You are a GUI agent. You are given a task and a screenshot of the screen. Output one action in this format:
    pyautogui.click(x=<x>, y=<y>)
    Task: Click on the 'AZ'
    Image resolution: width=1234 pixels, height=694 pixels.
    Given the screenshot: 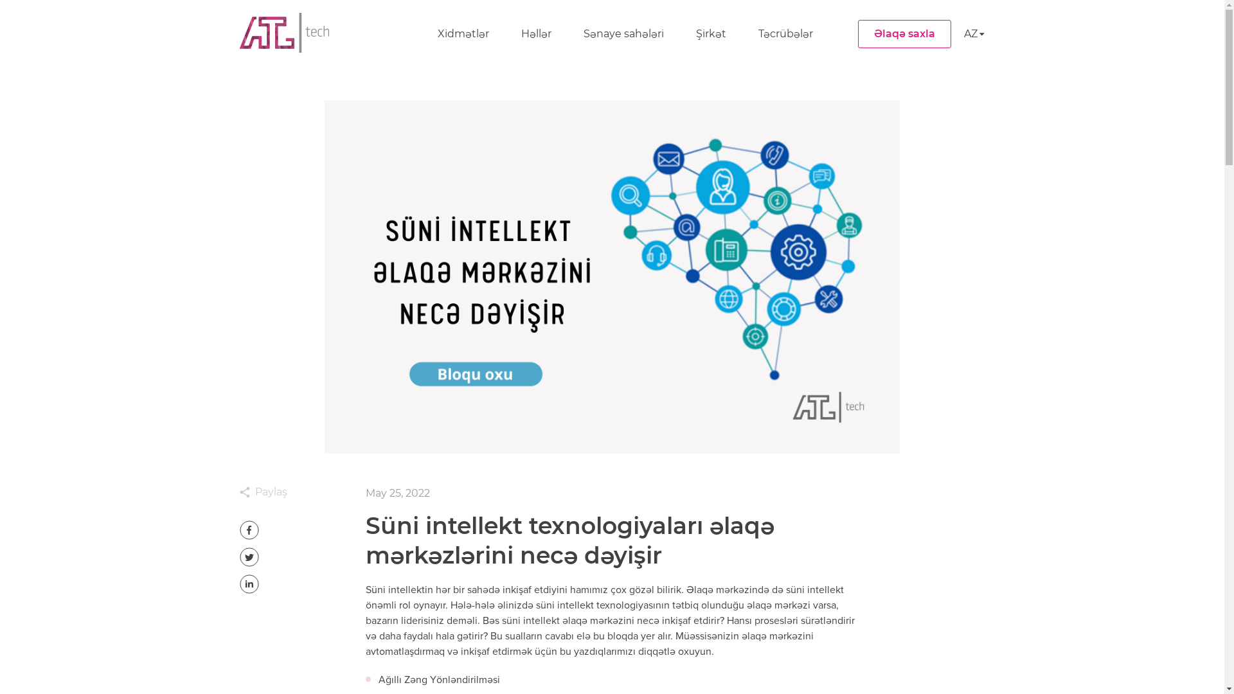 What is the action you would take?
    pyautogui.click(x=974, y=33)
    